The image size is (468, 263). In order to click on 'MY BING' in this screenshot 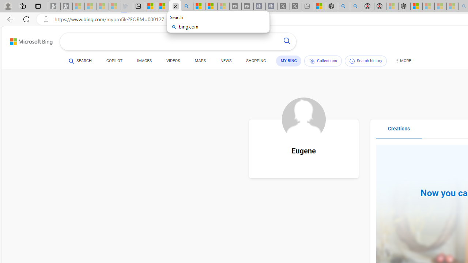, I will do `click(288, 61)`.